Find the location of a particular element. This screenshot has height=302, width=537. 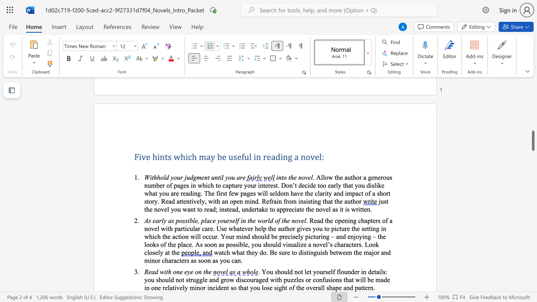

the 2th character "z" in the text is located at coordinates (295, 279).